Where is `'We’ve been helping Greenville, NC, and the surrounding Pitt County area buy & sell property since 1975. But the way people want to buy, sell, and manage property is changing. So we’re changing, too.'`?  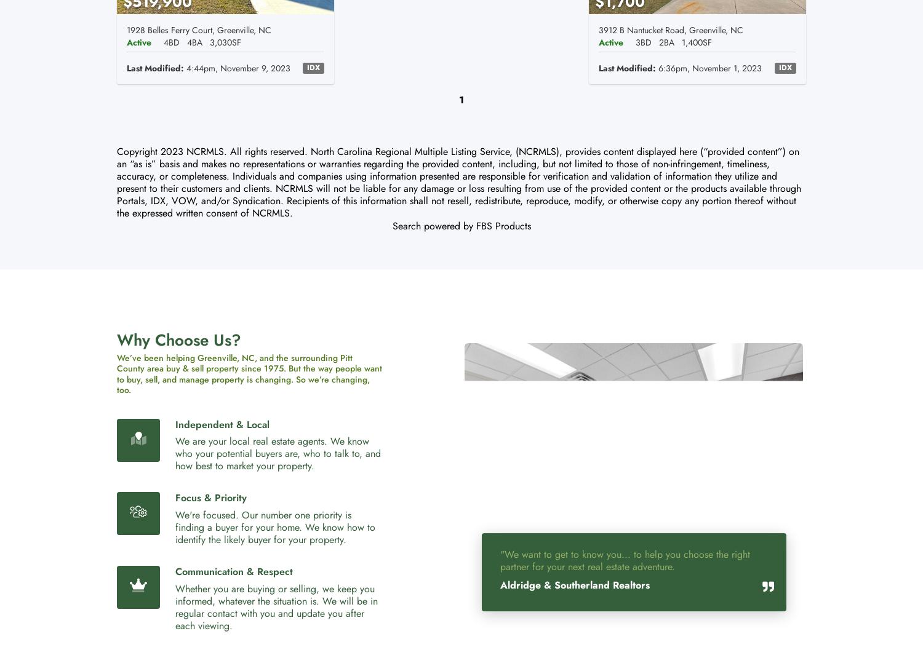
'We’ve been helping Greenville, NC, and the surrounding Pitt County area buy & sell property since 1975. But the way people want to buy, sell, and manage property is changing. So we’re changing, too.' is located at coordinates (249, 373).